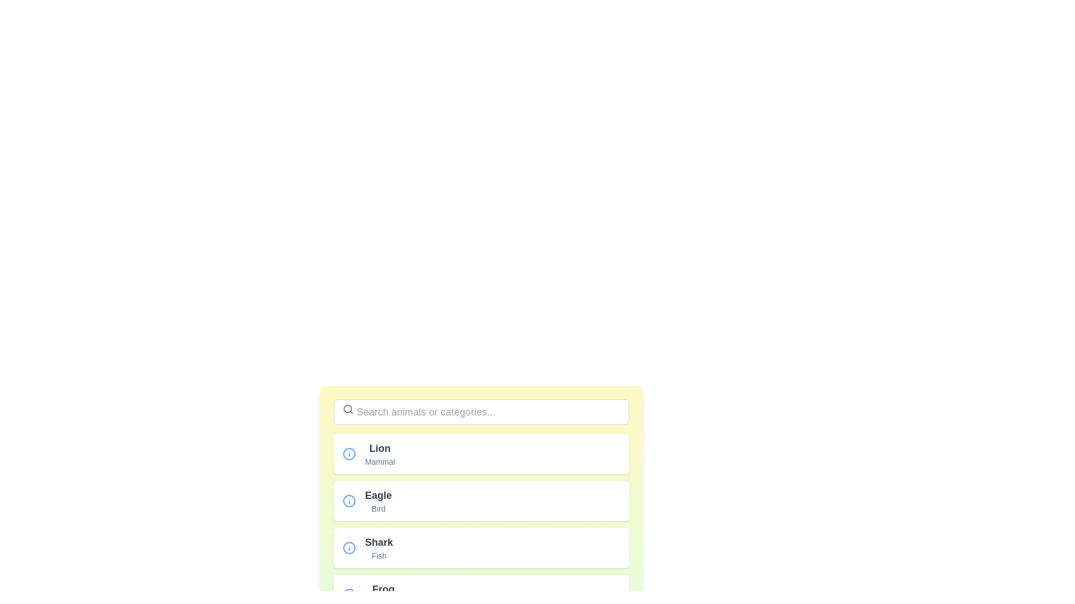 The height and width of the screenshot is (604, 1075). I want to click on the text label 'Lion', which identifies the first item in the animal list, so click(380, 448).